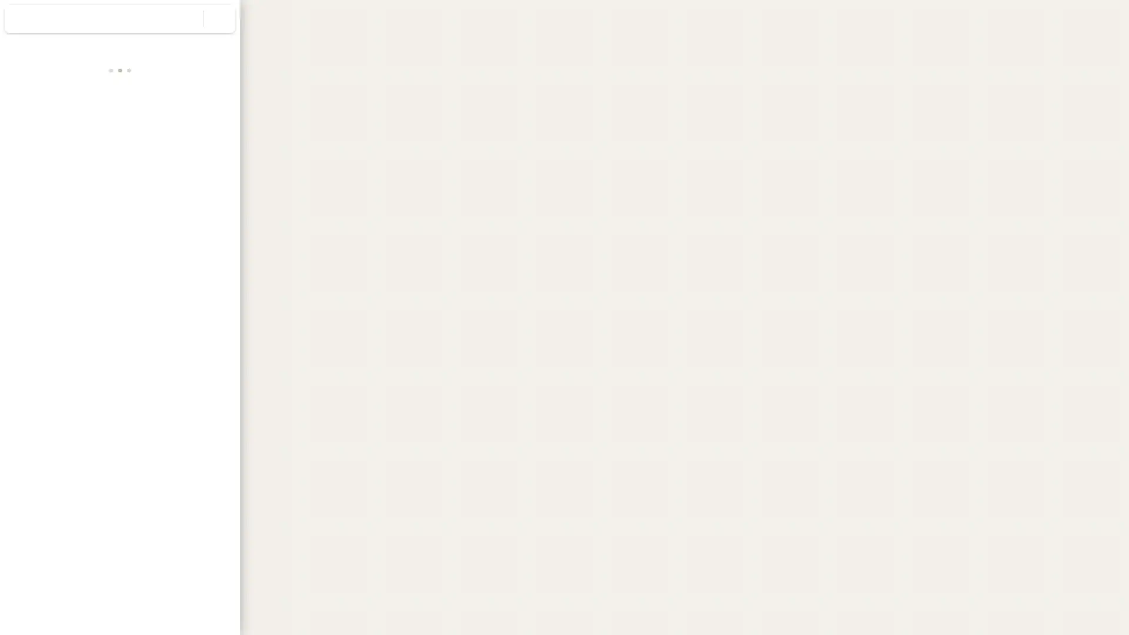 This screenshot has width=1129, height=635. What do you see at coordinates (205, 224) in the screenshot?
I see `Share Toronto` at bounding box center [205, 224].